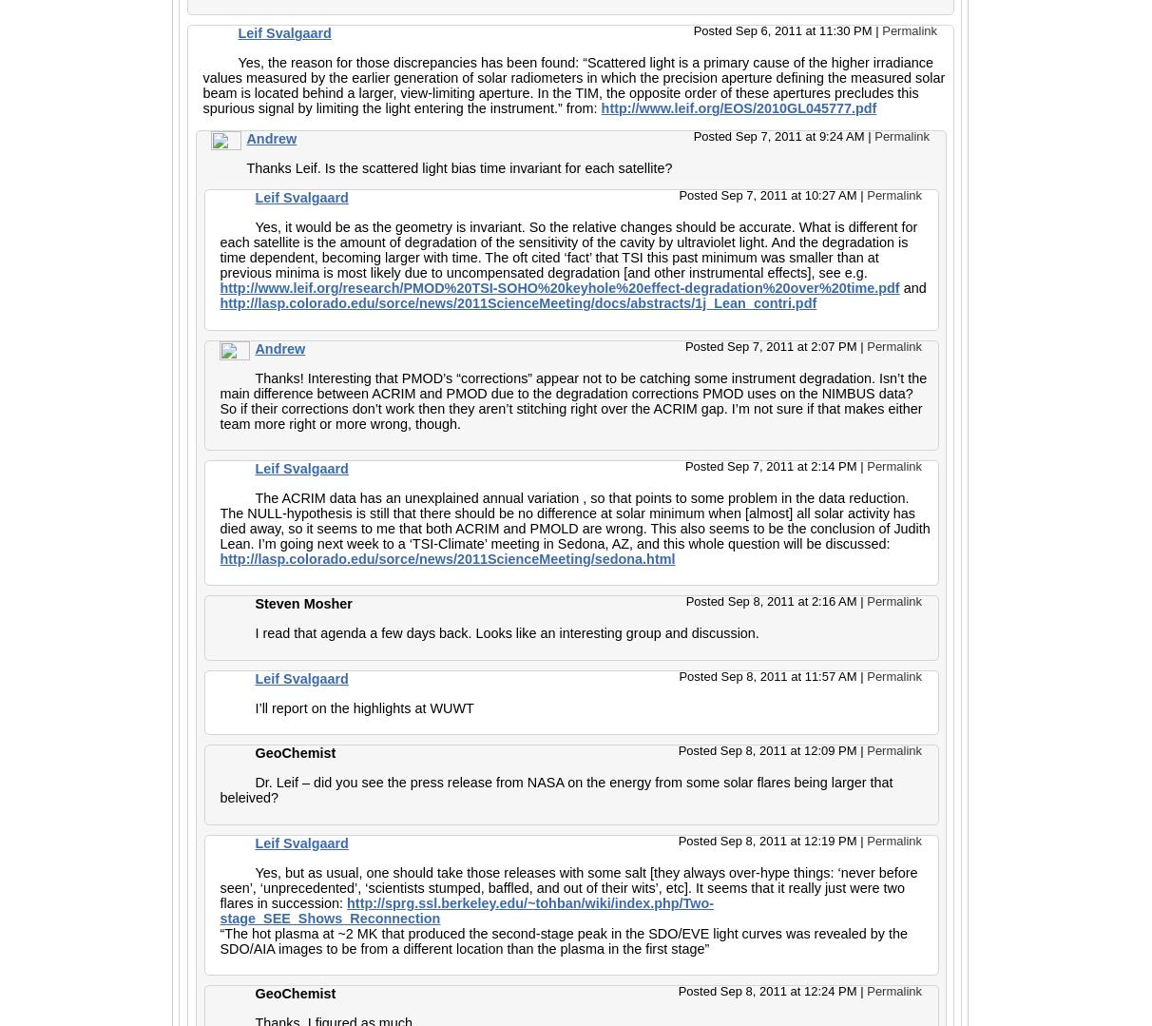  What do you see at coordinates (573, 85) in the screenshot?
I see `'Yes, the reason for those discrepancies has been found: “Scattered light is a primary cause of the higher irradiance values measured by the earlier generation of solar radiometers in which the precision aperture defining the measured solar beam is located behind a larger, view‐limiting aperture. In the TIM, the opposite order of these apertures precludes this spurious signal by limiting the light entering the instrument.” from:'` at bounding box center [573, 85].